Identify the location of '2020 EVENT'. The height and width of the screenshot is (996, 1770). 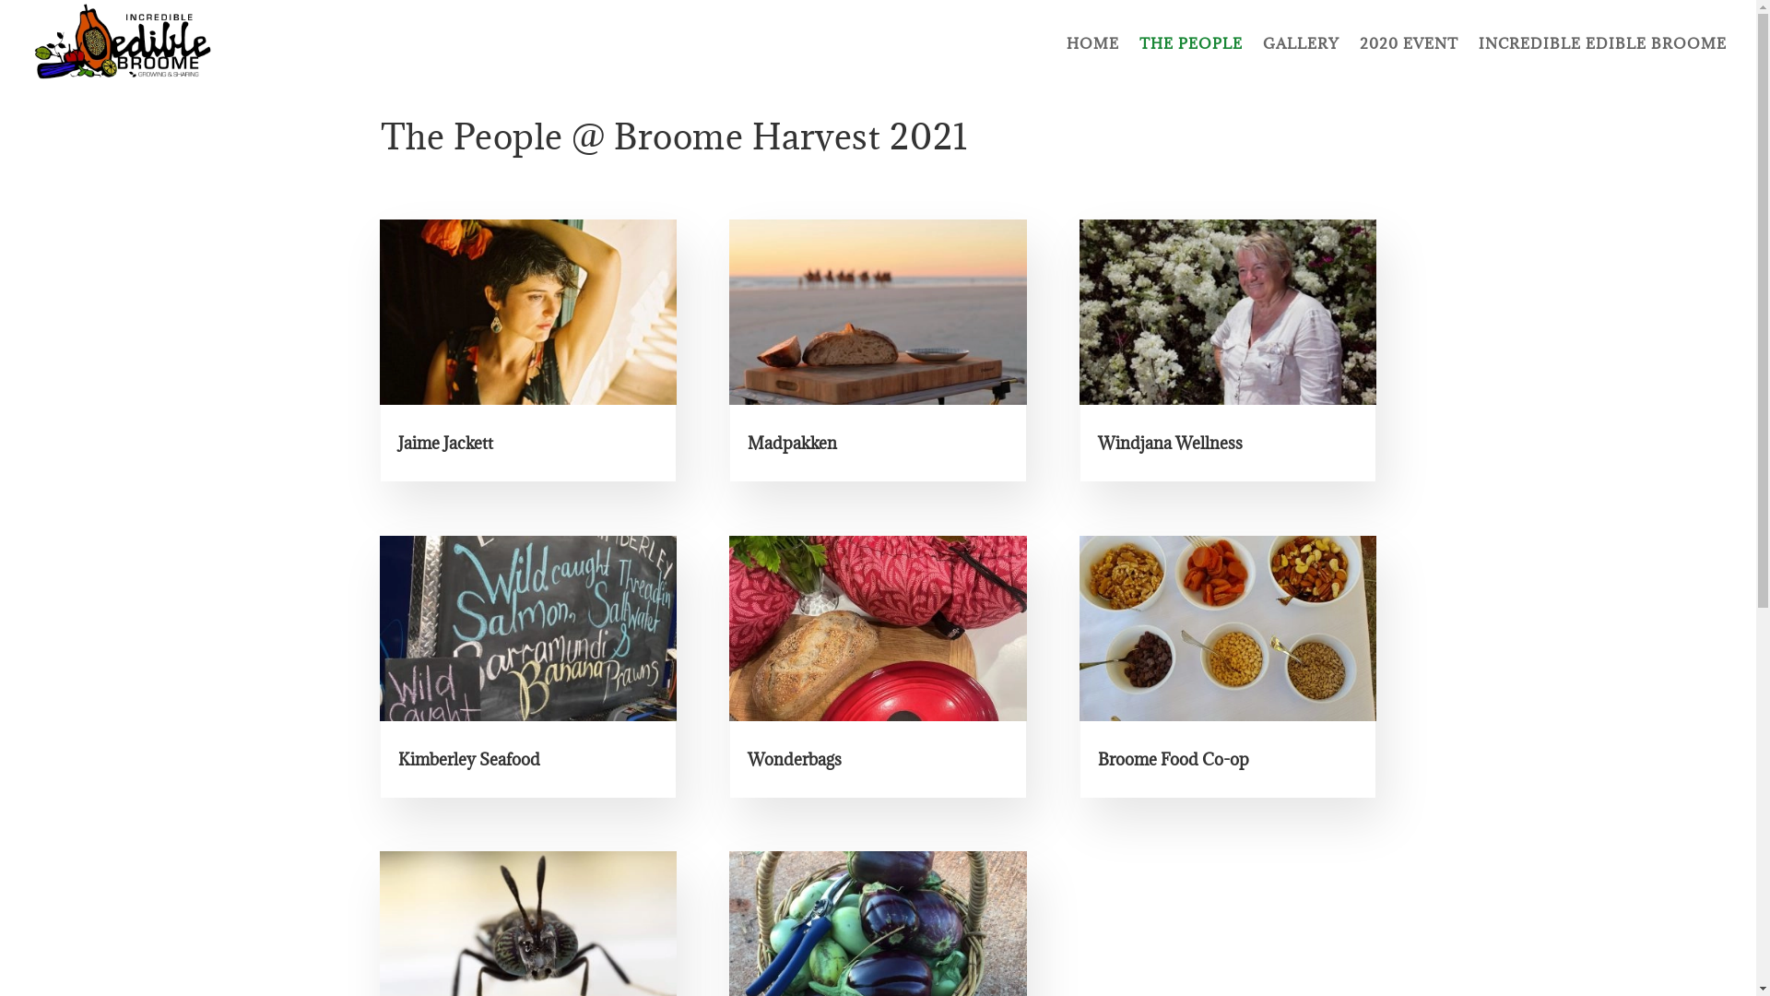
(1359, 60).